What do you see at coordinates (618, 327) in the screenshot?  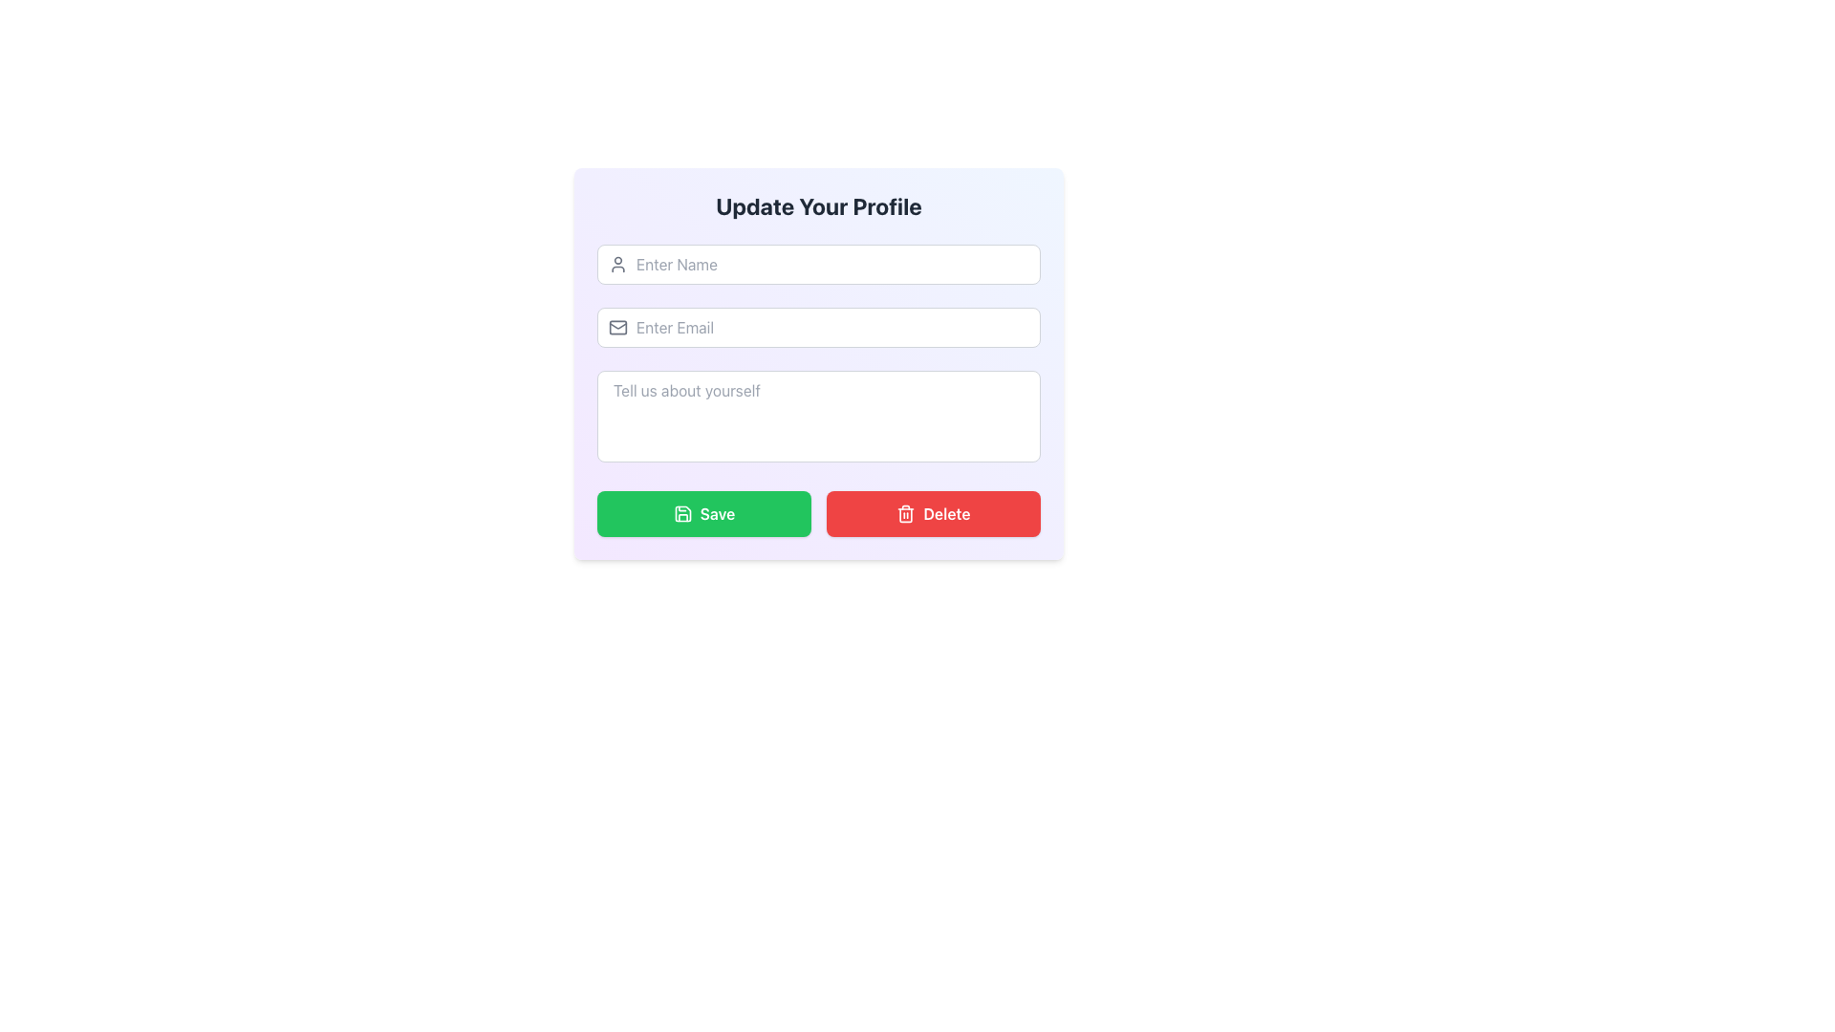 I see `the mail envelope icon with a red border located to the far left of the 'Enter Email' input field` at bounding box center [618, 327].